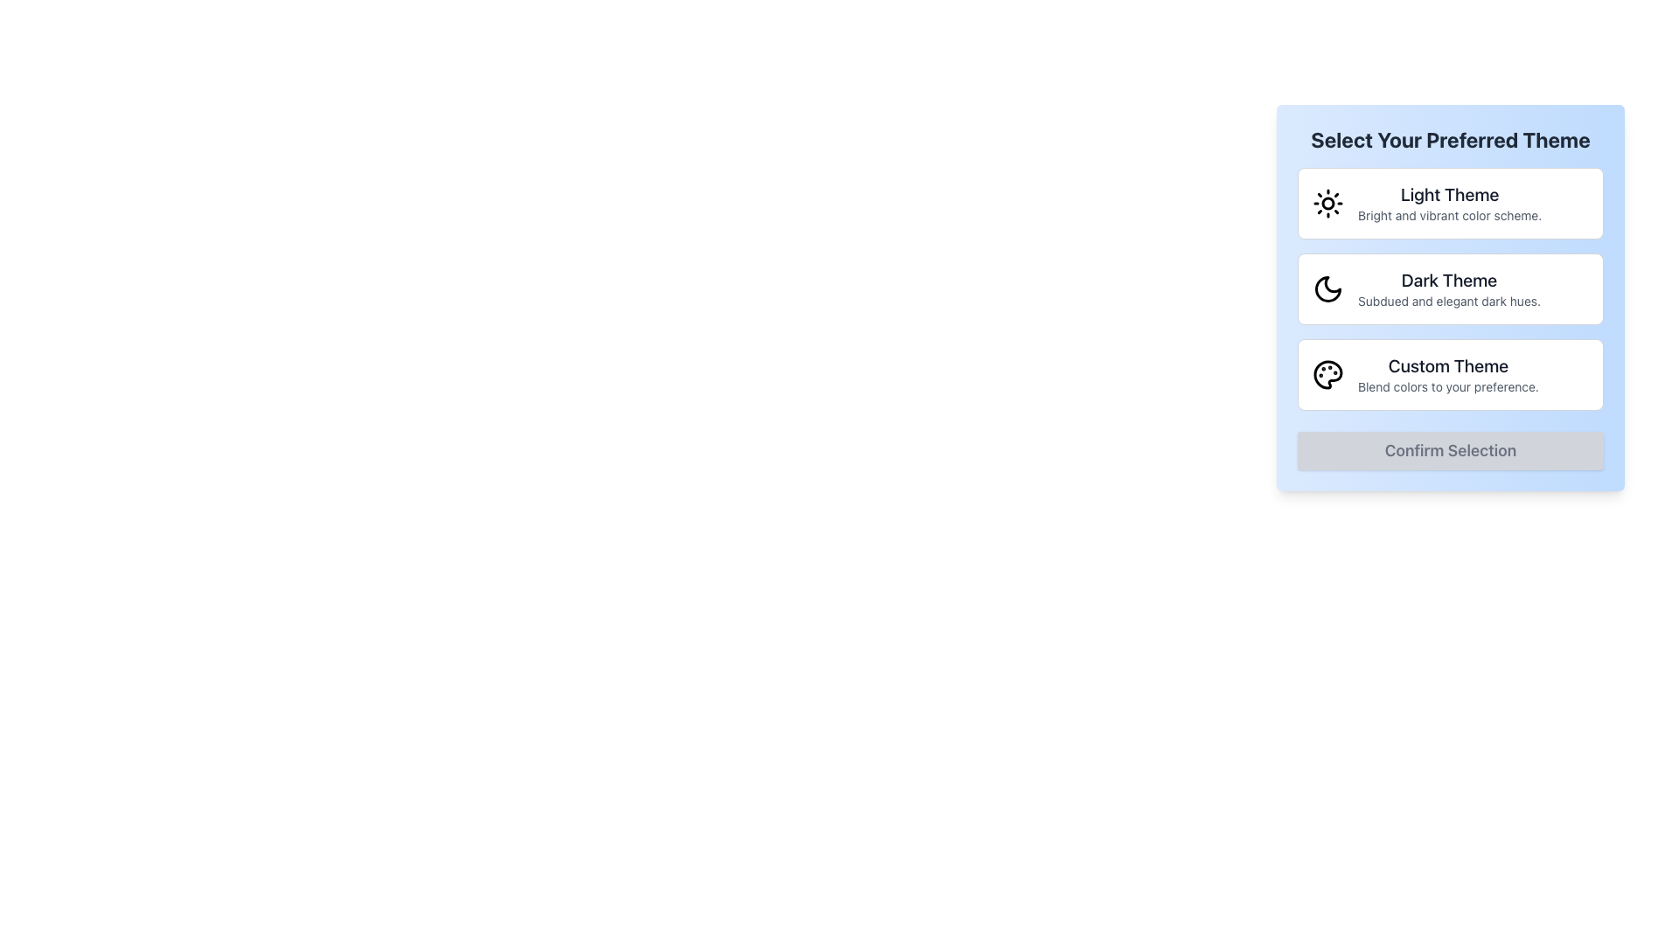  What do you see at coordinates (1448, 373) in the screenshot?
I see `text content from the 'Custom Theme' element, which includes the text 'Custom Theme' in bold black and 'Blend colors to your preference.' in smaller gray text. This element is located in the third box of theme options` at bounding box center [1448, 373].